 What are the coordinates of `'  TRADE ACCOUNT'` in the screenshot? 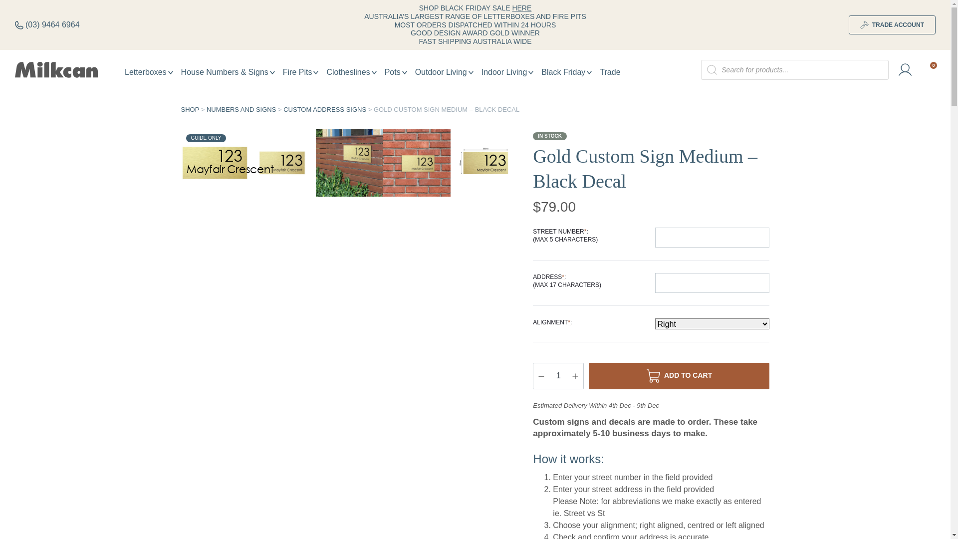 It's located at (892, 24).